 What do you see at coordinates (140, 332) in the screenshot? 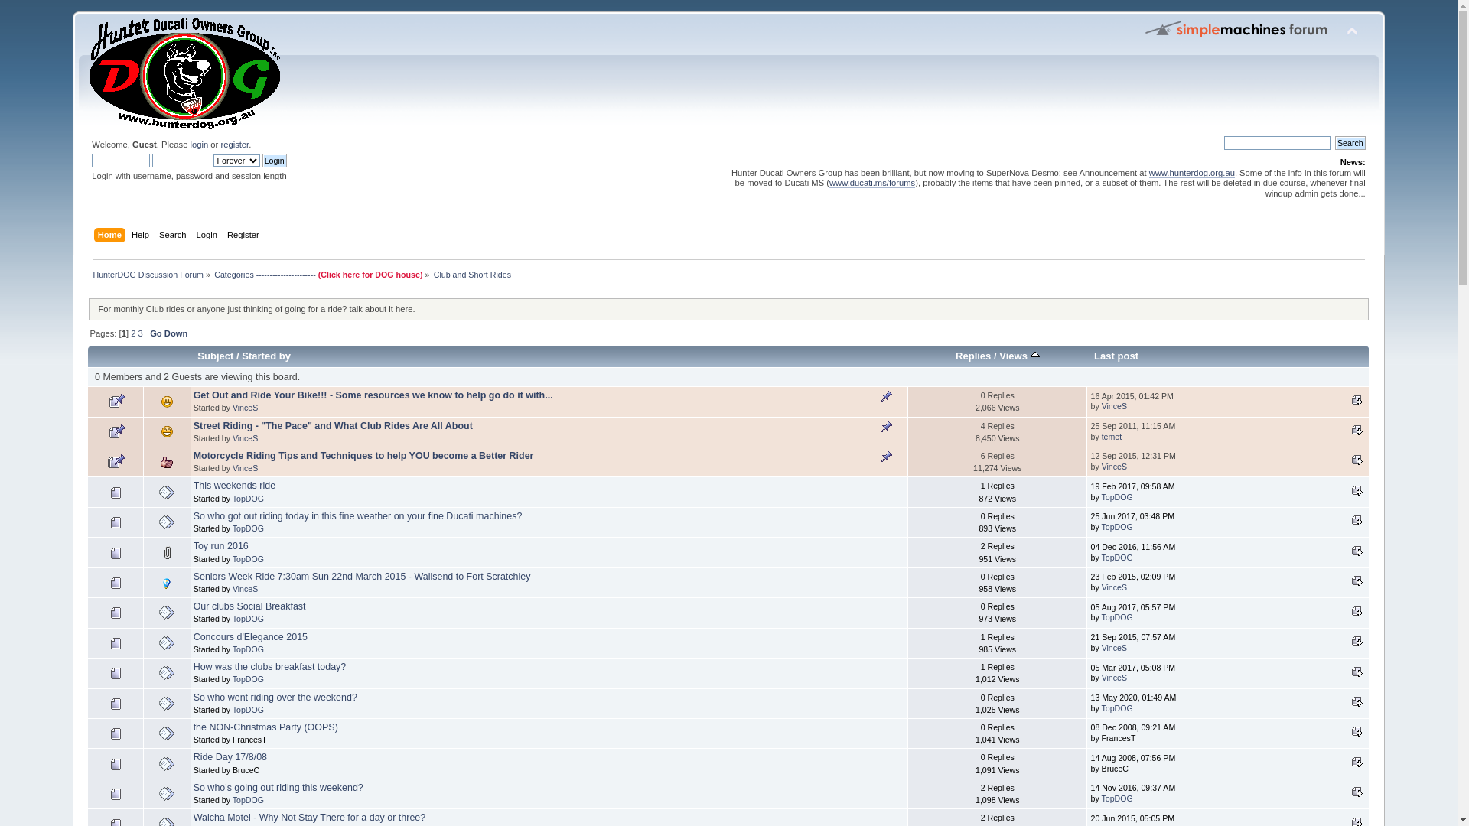
I see `'3'` at bounding box center [140, 332].